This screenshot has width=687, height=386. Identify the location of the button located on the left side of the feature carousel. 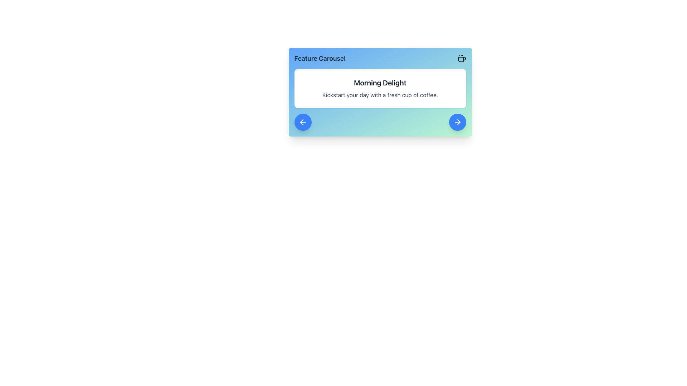
(303, 122).